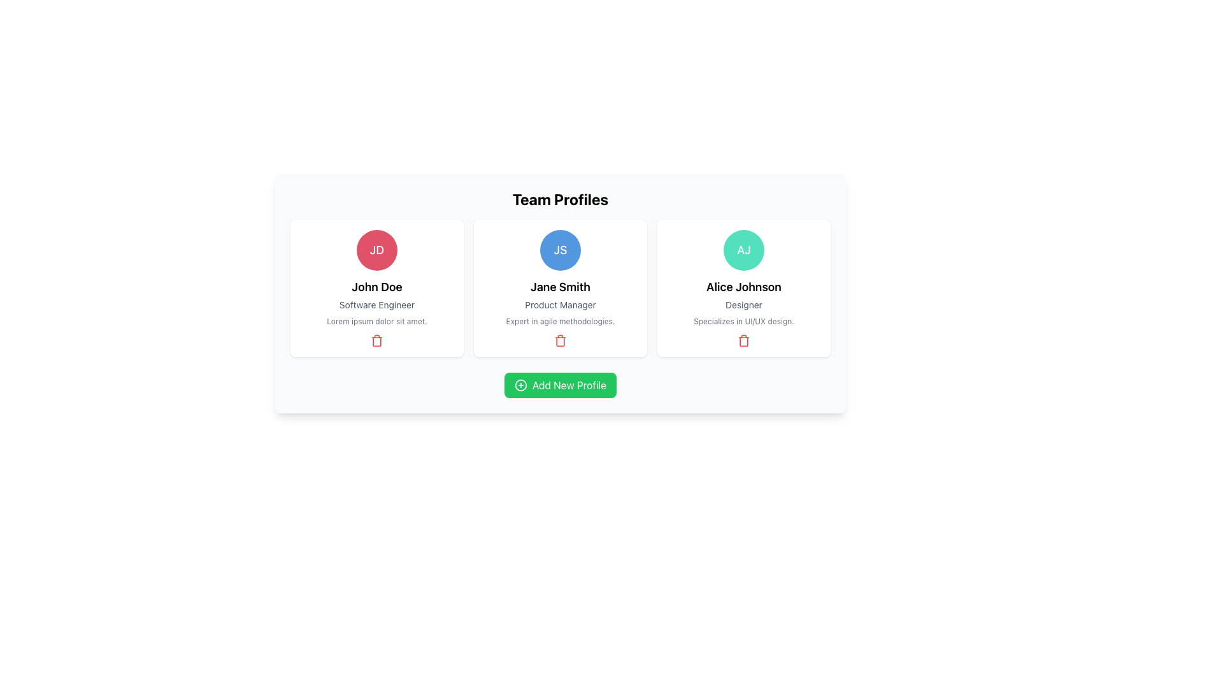 This screenshot has height=688, width=1223. Describe the element at coordinates (376, 250) in the screenshot. I see `the Avatar Component, which is a circular element with a red background and white text displaying 'JD', prominently placed above the text 'John Doe'` at that location.